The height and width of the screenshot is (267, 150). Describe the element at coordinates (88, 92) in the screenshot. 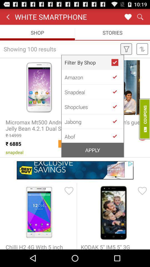

I see `snapdeal` at that location.